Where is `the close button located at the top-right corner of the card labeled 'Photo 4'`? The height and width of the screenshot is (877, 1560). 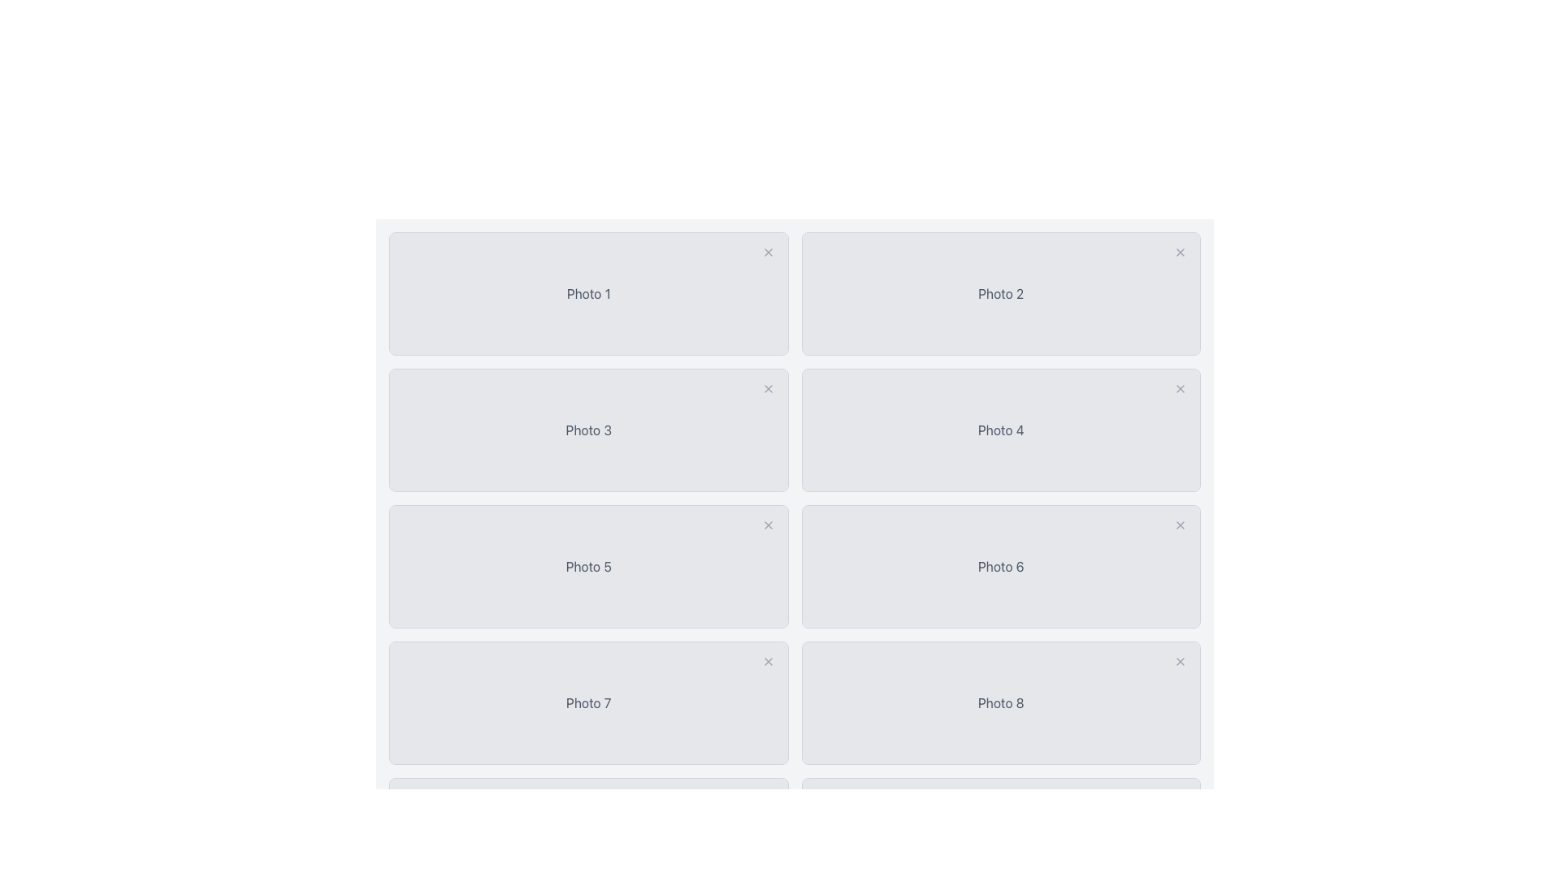
the close button located at the top-right corner of the card labeled 'Photo 4' is located at coordinates (1181, 388).